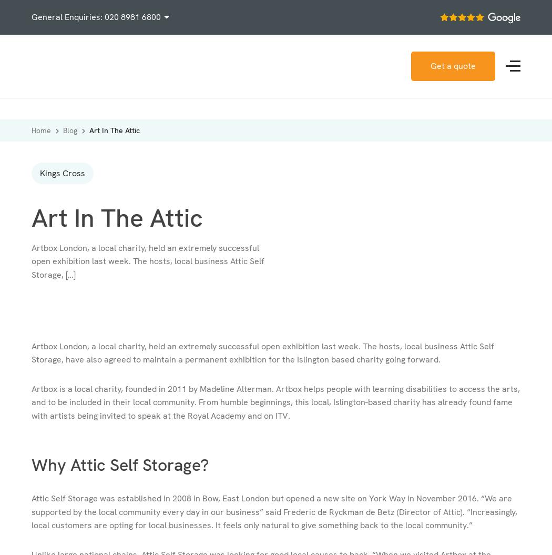 The image size is (552, 555). What do you see at coordinates (30, 130) in the screenshot?
I see `'Home'` at bounding box center [30, 130].